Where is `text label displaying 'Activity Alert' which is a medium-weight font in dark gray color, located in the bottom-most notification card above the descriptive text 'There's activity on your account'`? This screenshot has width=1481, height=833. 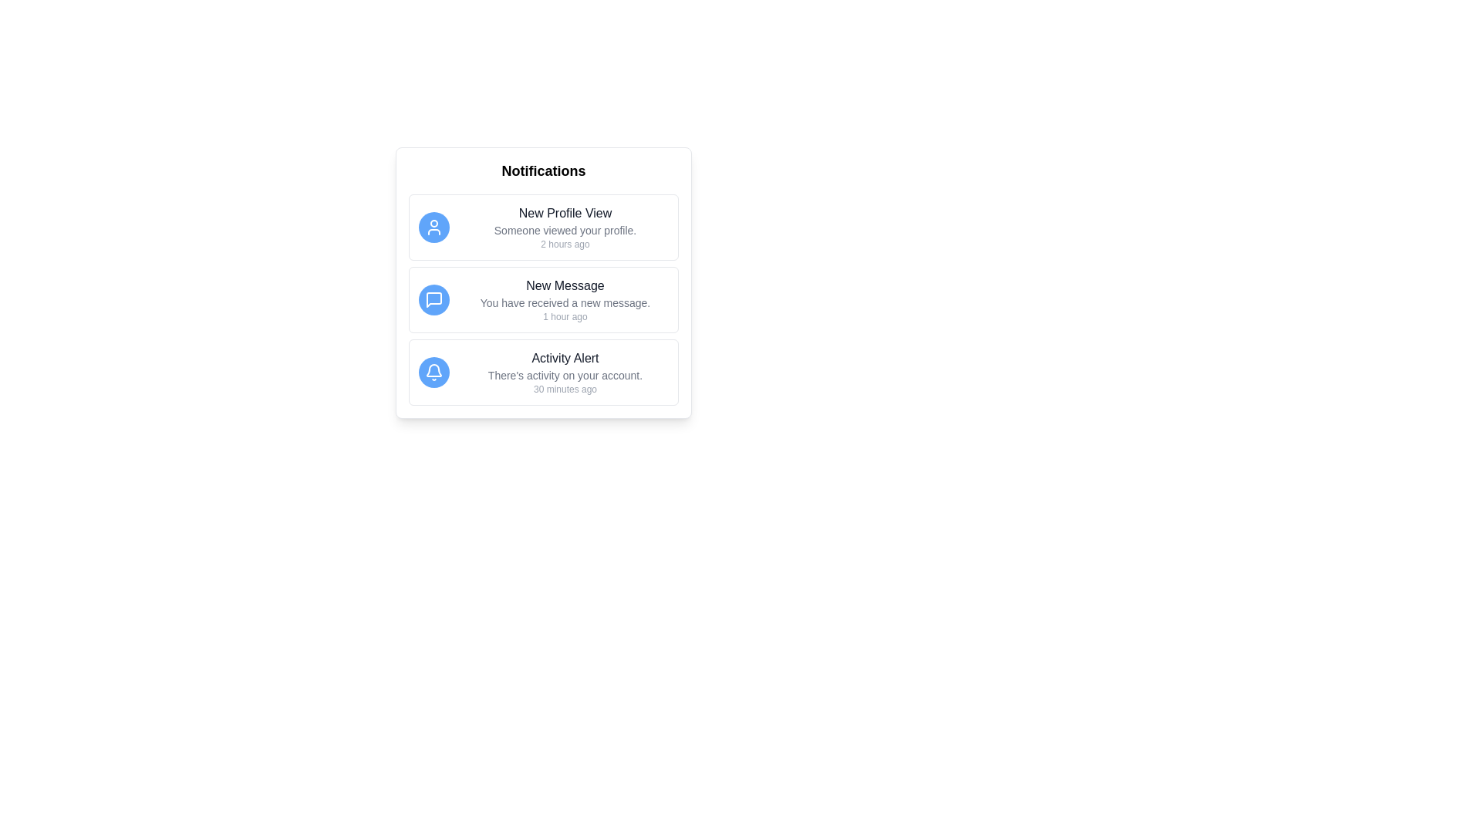 text label displaying 'Activity Alert' which is a medium-weight font in dark gray color, located in the bottom-most notification card above the descriptive text 'There's activity on your account' is located at coordinates (565, 359).